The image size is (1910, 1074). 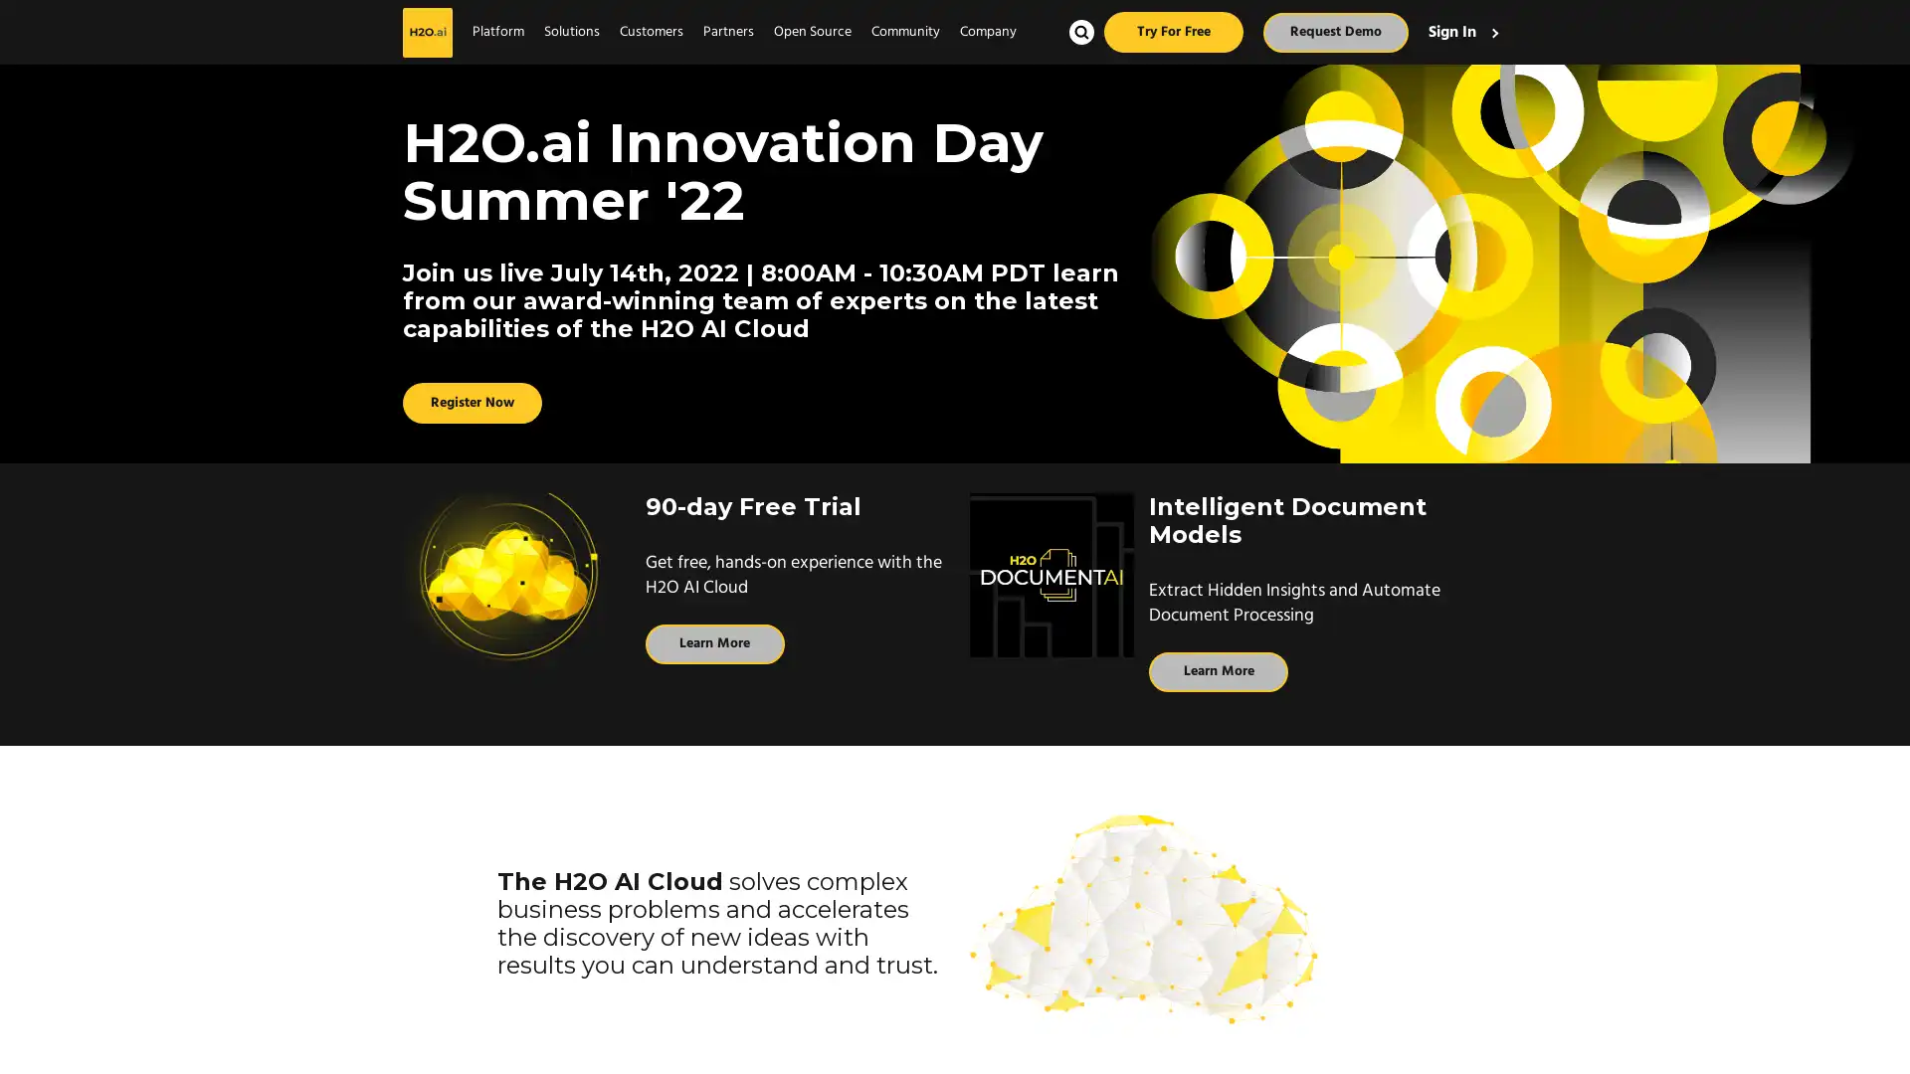 I want to click on search icon, so click(x=1080, y=32).